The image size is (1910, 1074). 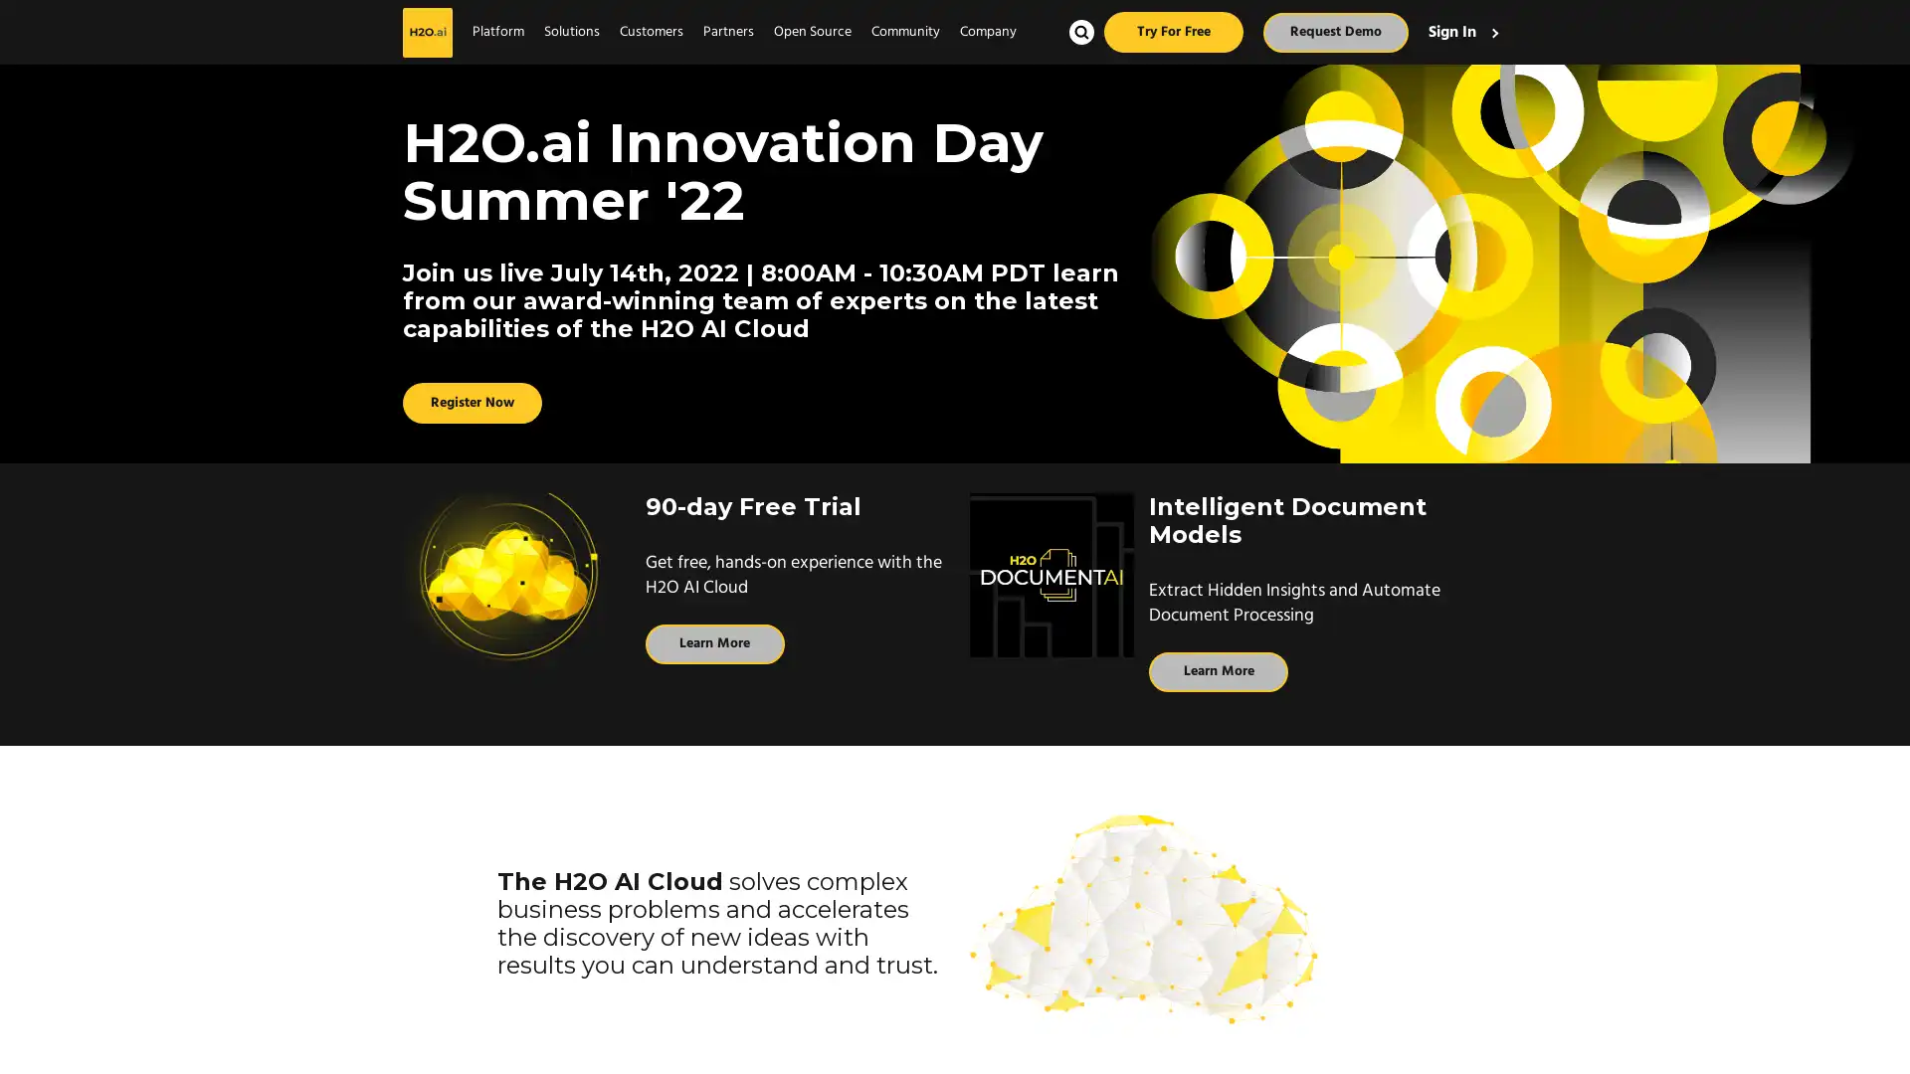 I want to click on search icon, so click(x=1080, y=32).